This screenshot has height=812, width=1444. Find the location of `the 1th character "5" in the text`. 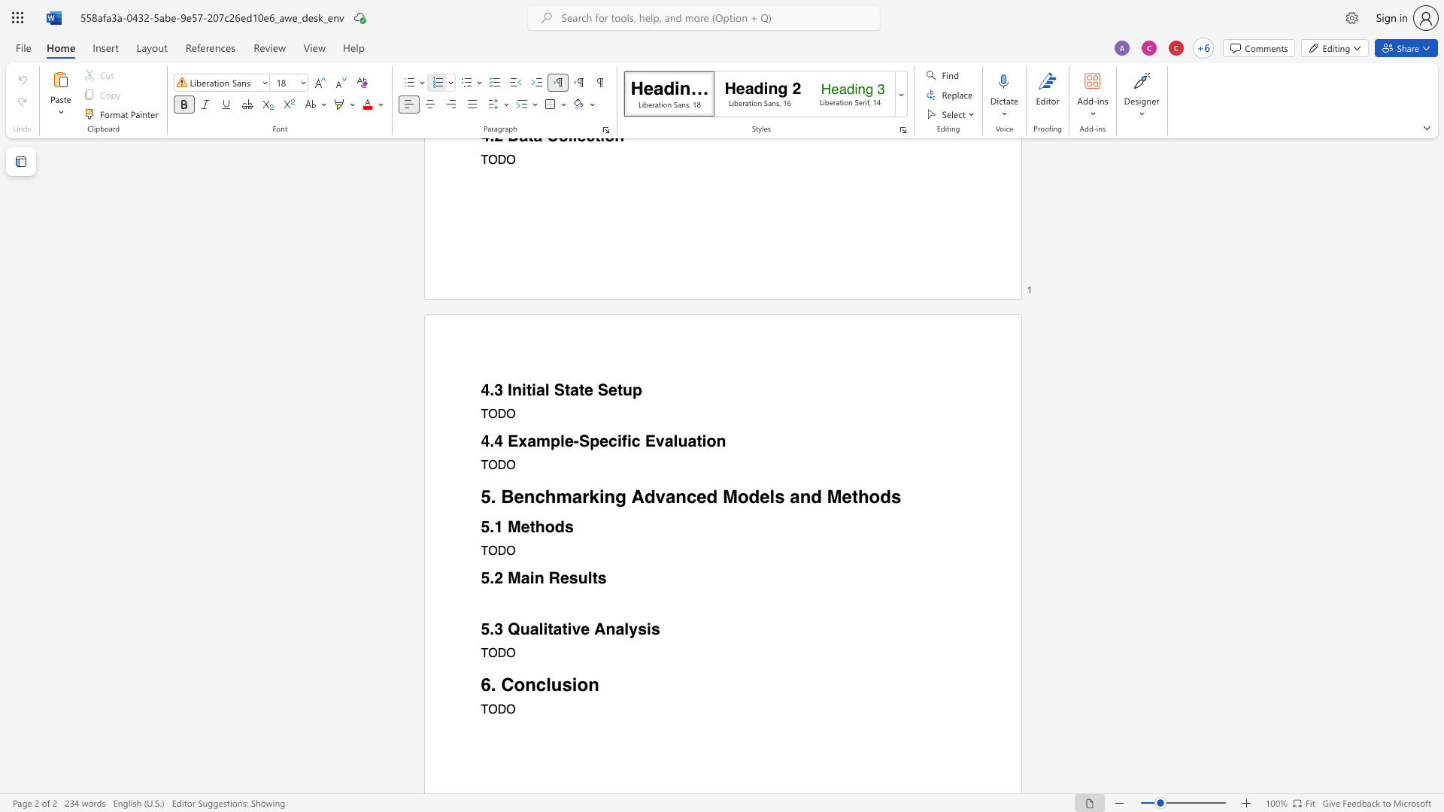

the 1th character "5" in the text is located at coordinates (485, 577).